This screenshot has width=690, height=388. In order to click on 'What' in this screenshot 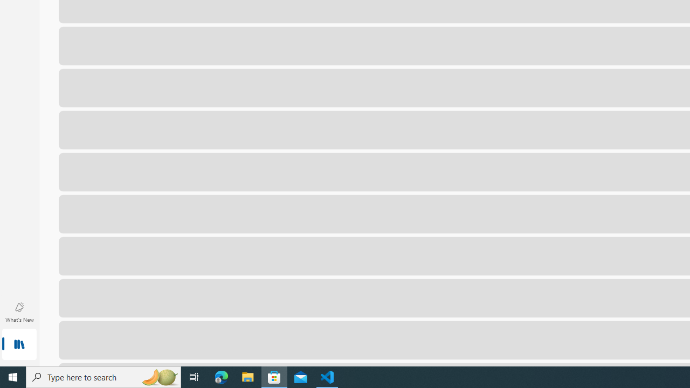, I will do `click(19, 311)`.